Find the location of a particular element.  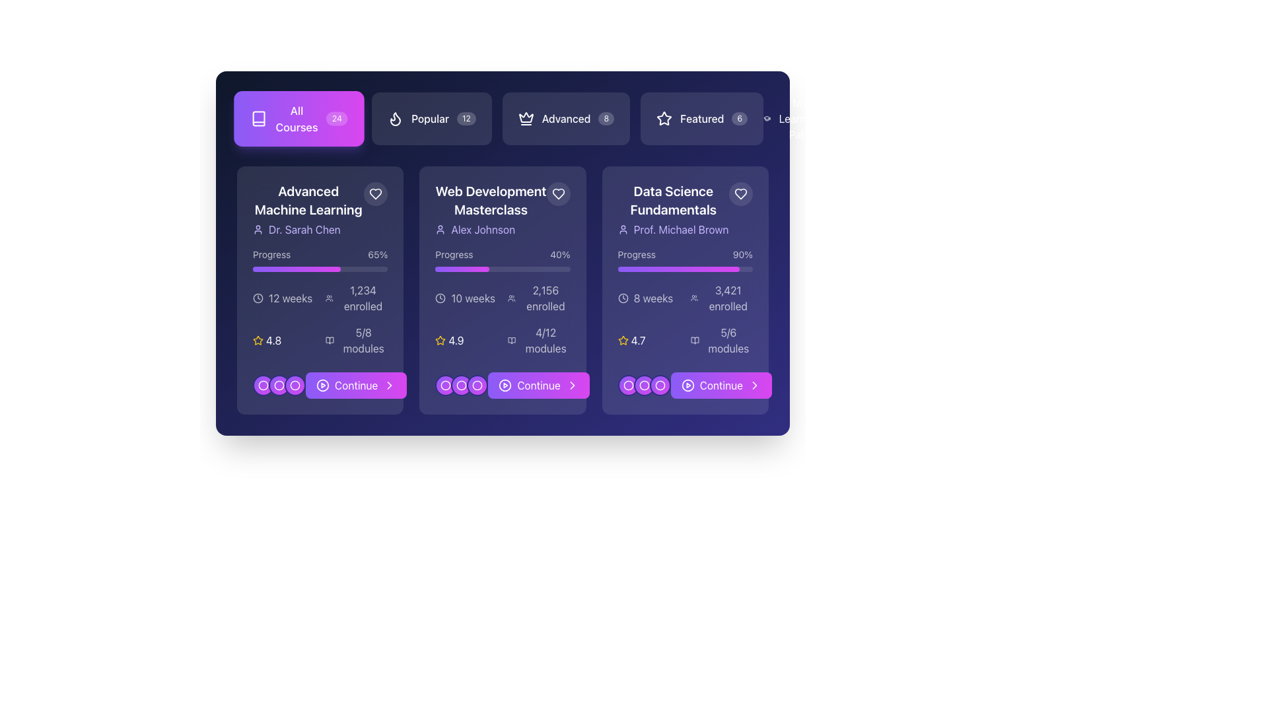

the call-to-action button located at the bottom center of the middle card in a row of three cards to proceed to the next step is located at coordinates (539, 385).